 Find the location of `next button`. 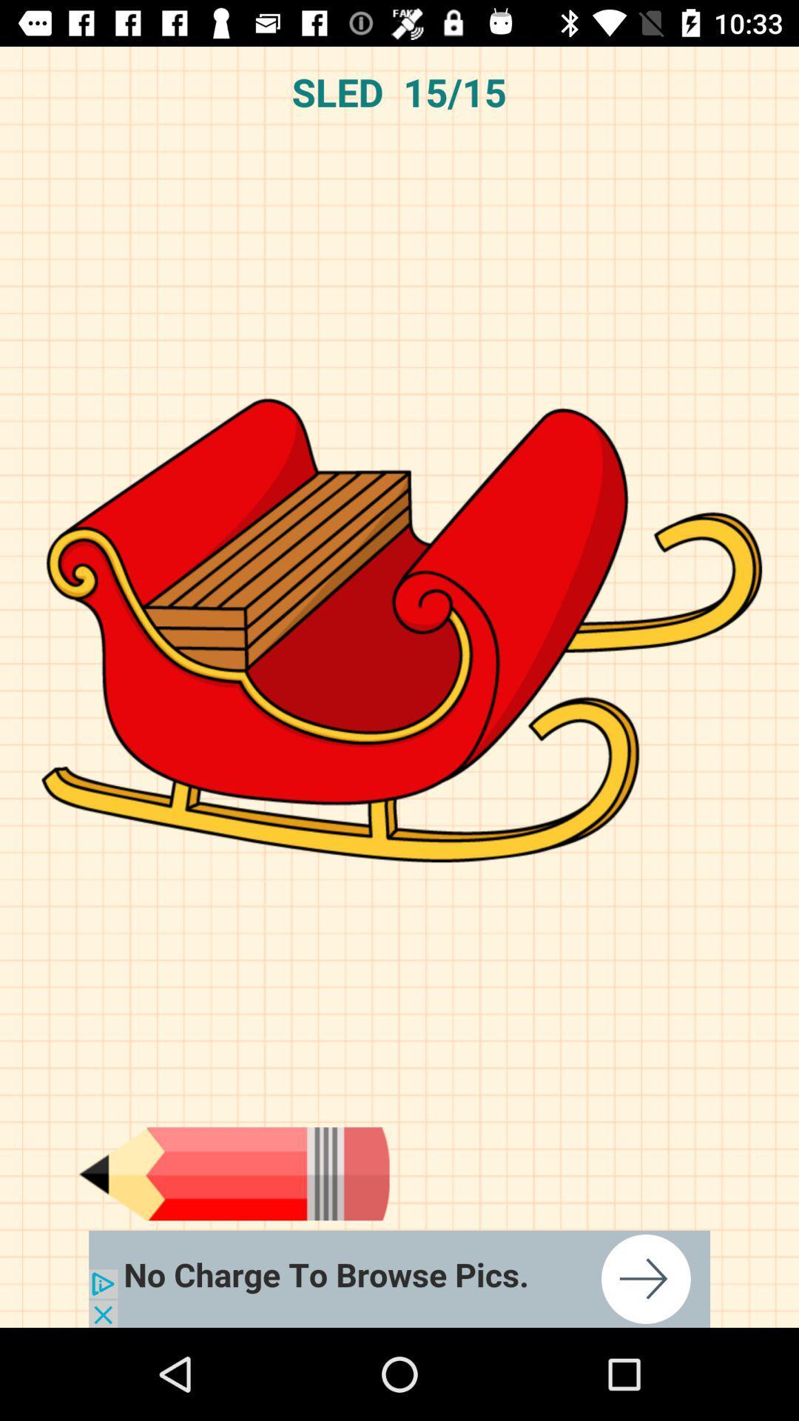

next button is located at coordinates (399, 1278).